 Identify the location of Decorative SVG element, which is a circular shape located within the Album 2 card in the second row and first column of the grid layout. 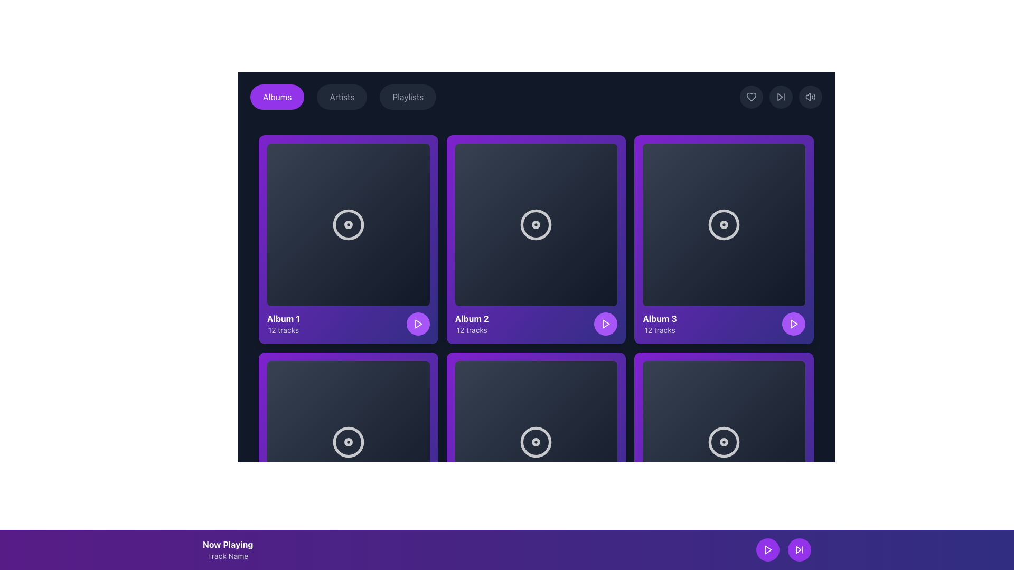
(536, 224).